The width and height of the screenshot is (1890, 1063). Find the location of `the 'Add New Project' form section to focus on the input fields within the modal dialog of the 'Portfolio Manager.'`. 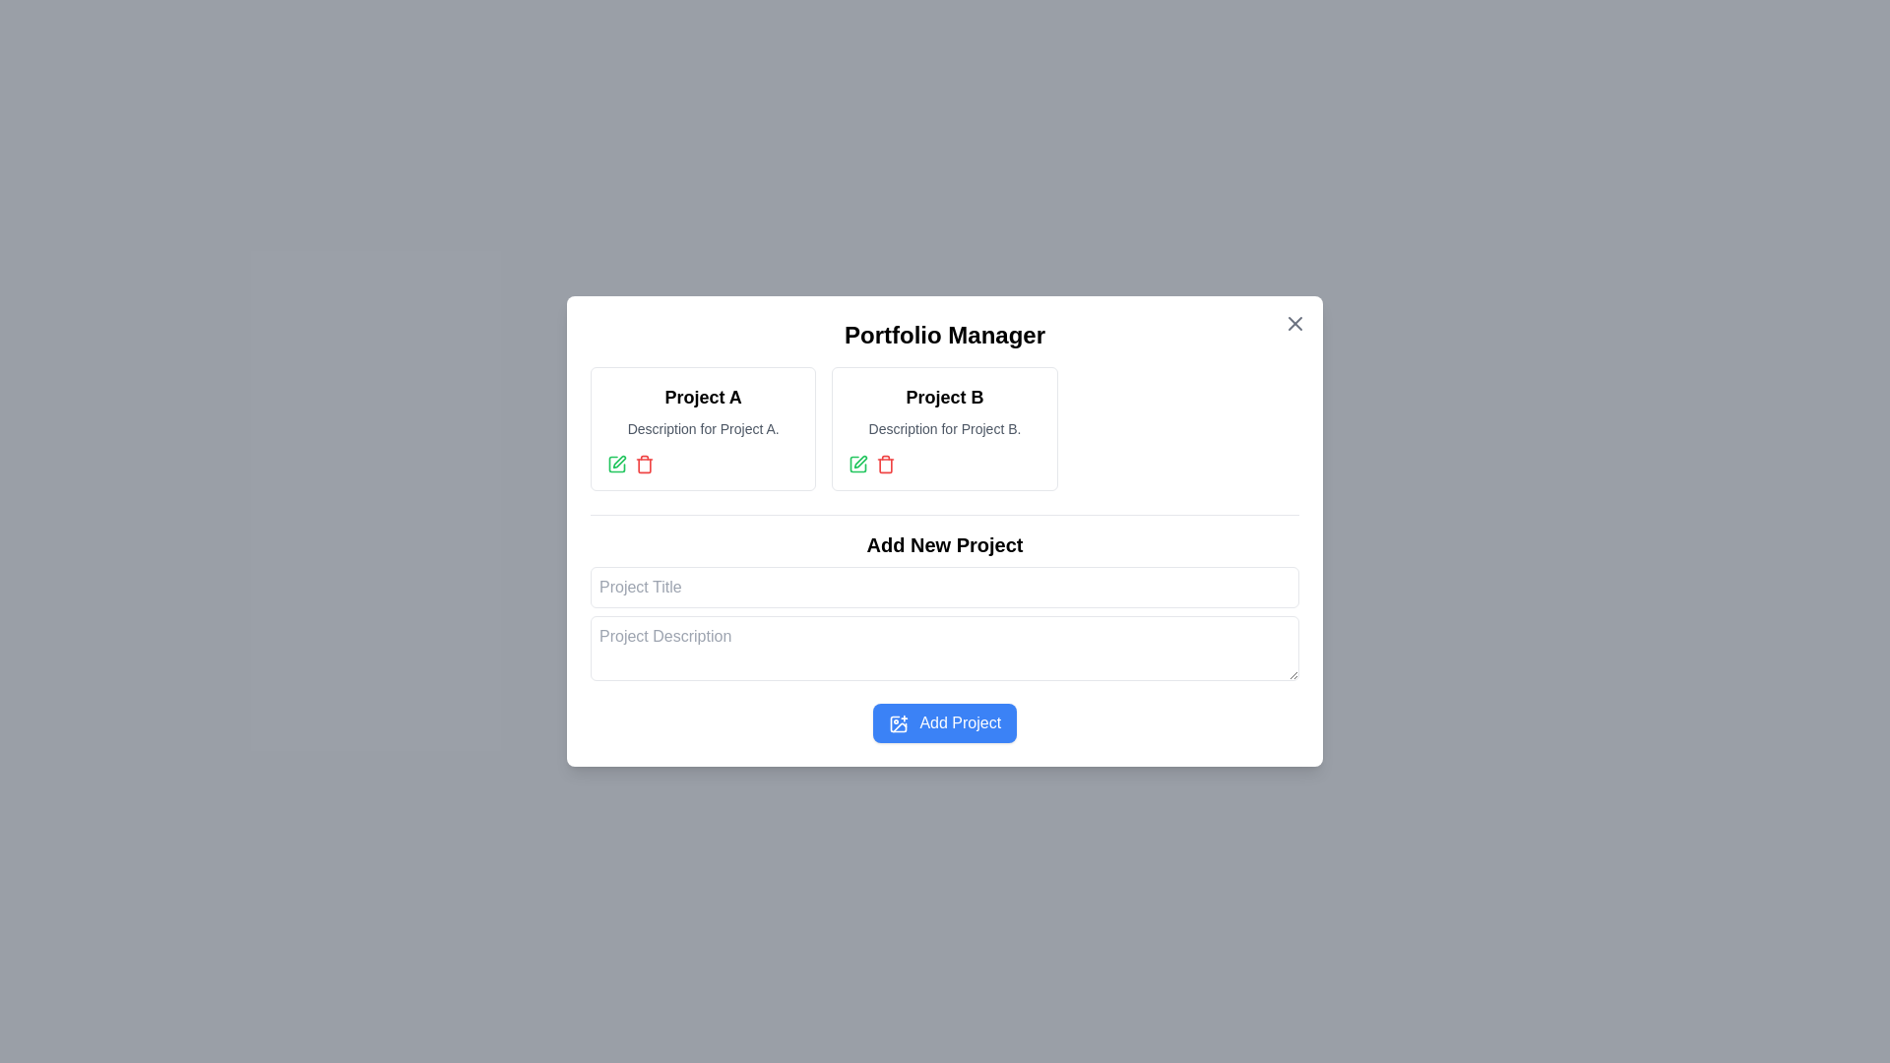

the 'Add New Project' form section to focus on the input fields within the modal dialog of the 'Portfolio Manager.' is located at coordinates (945, 629).